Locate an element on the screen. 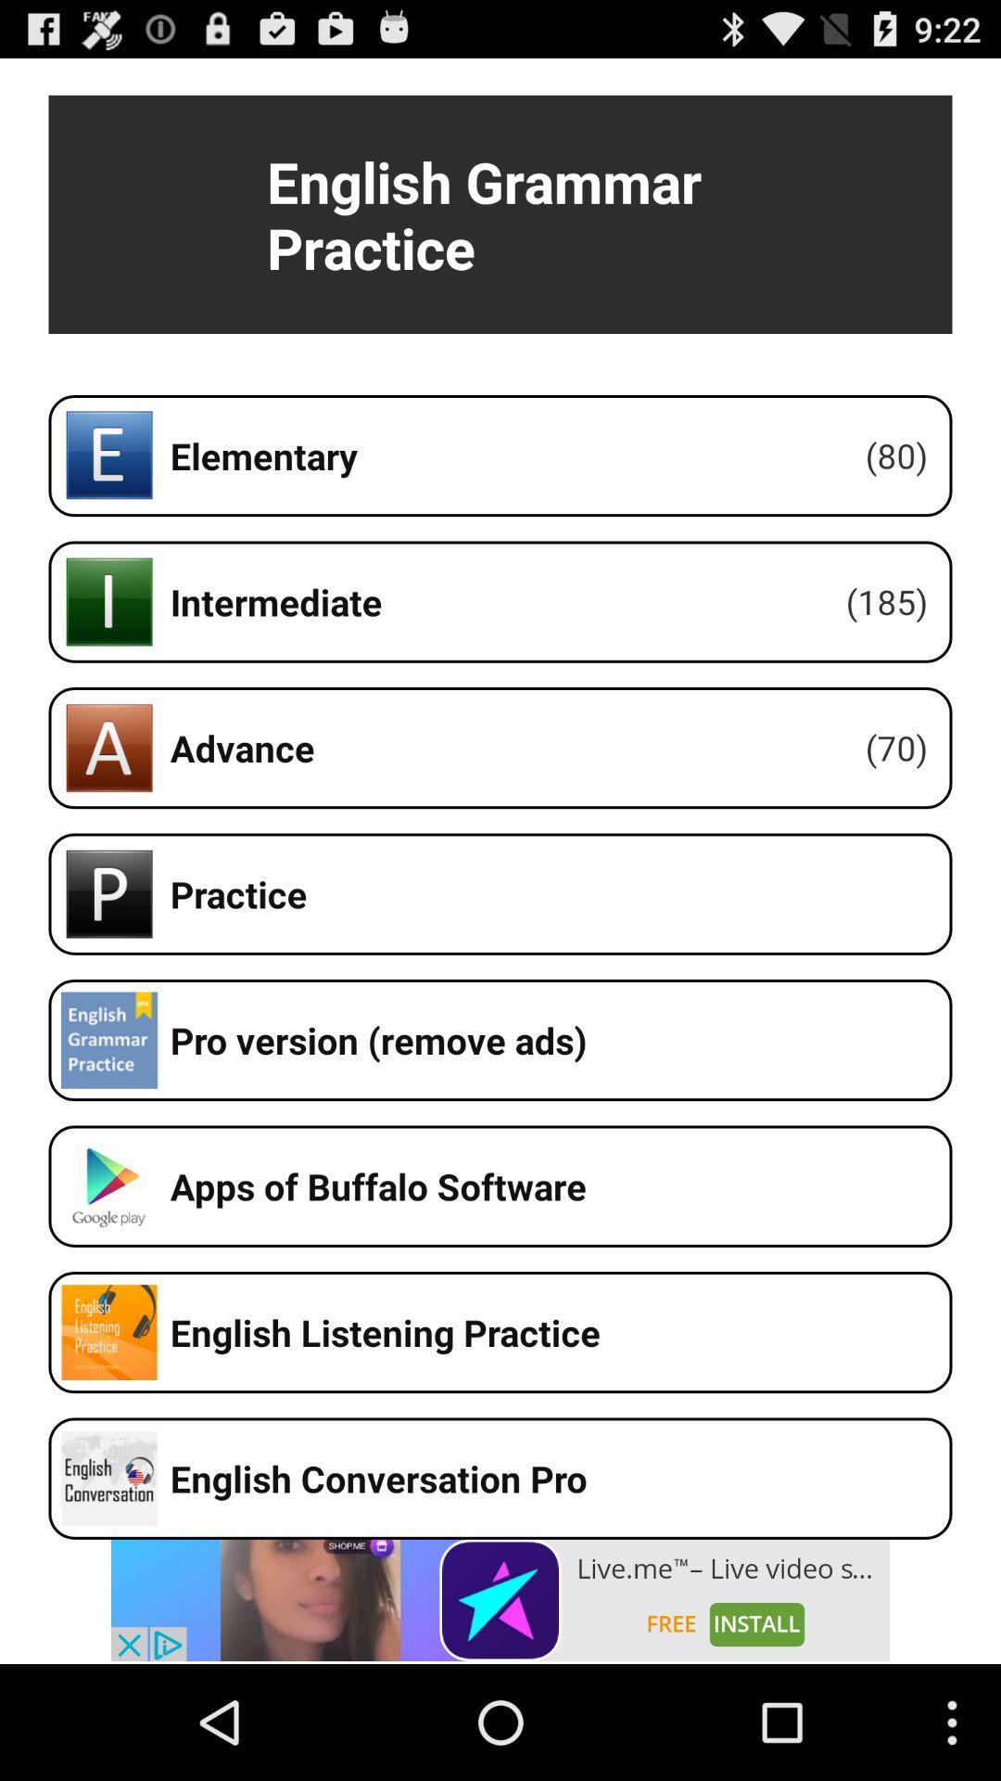 This screenshot has width=1001, height=1781. the icon which is left side of the english listening practice is located at coordinates (109, 1331).